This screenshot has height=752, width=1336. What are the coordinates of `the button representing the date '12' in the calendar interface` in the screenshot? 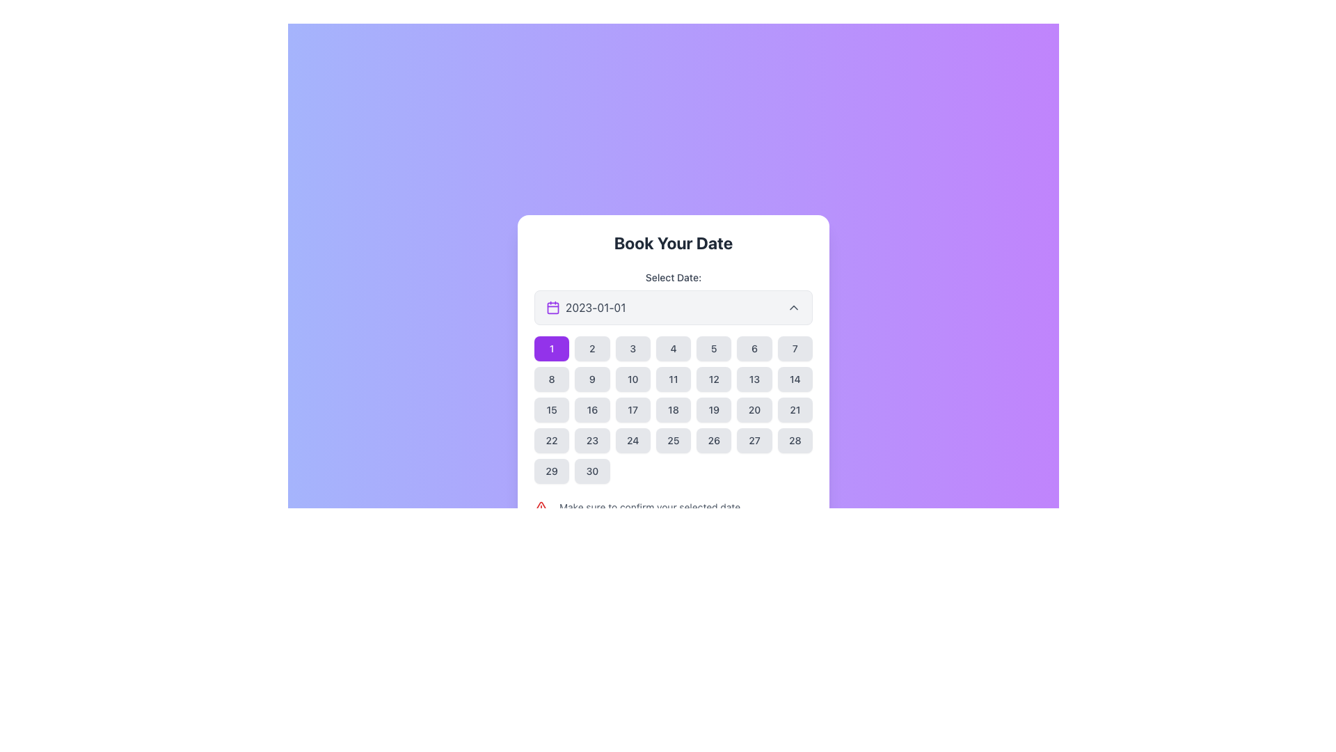 It's located at (714, 379).